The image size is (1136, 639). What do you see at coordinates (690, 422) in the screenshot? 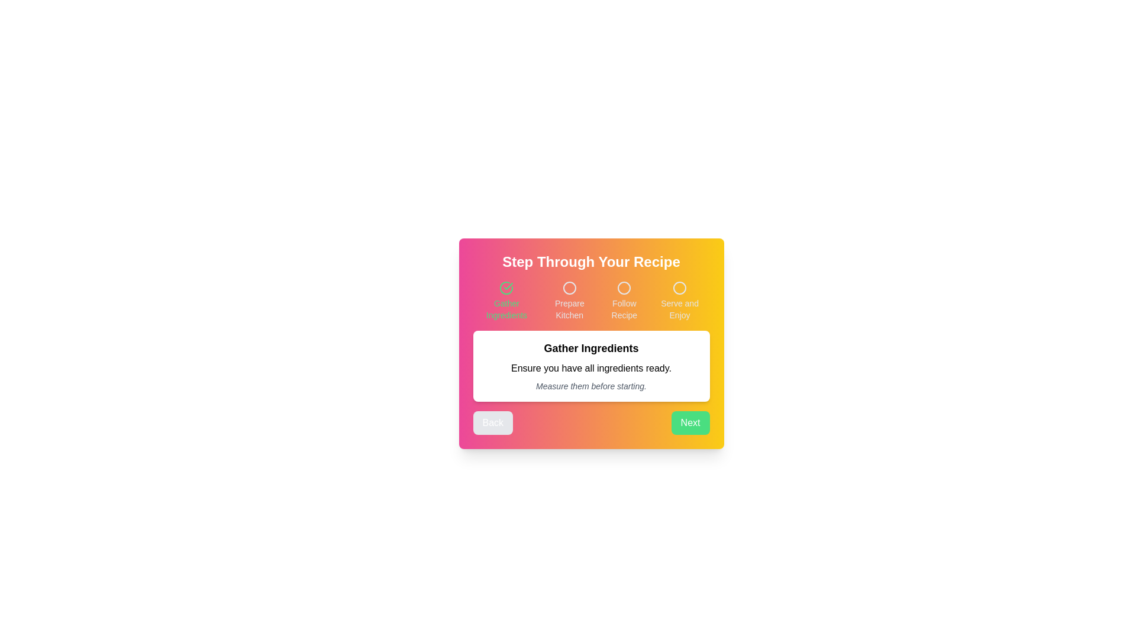
I see `'Next' button to navigate to the next step` at bounding box center [690, 422].